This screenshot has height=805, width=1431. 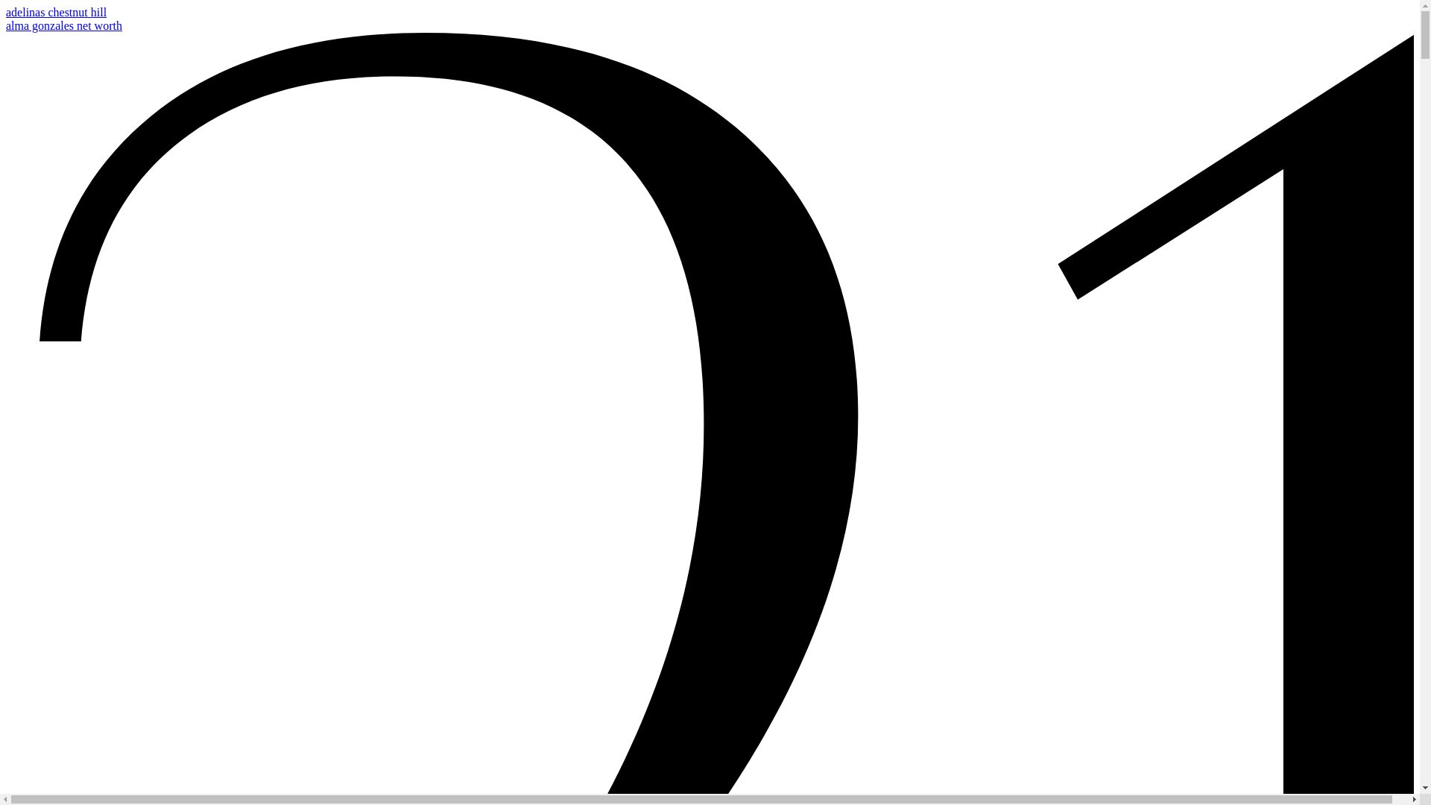 What do you see at coordinates (6, 12) in the screenshot?
I see `'adelinas chestnut hill'` at bounding box center [6, 12].